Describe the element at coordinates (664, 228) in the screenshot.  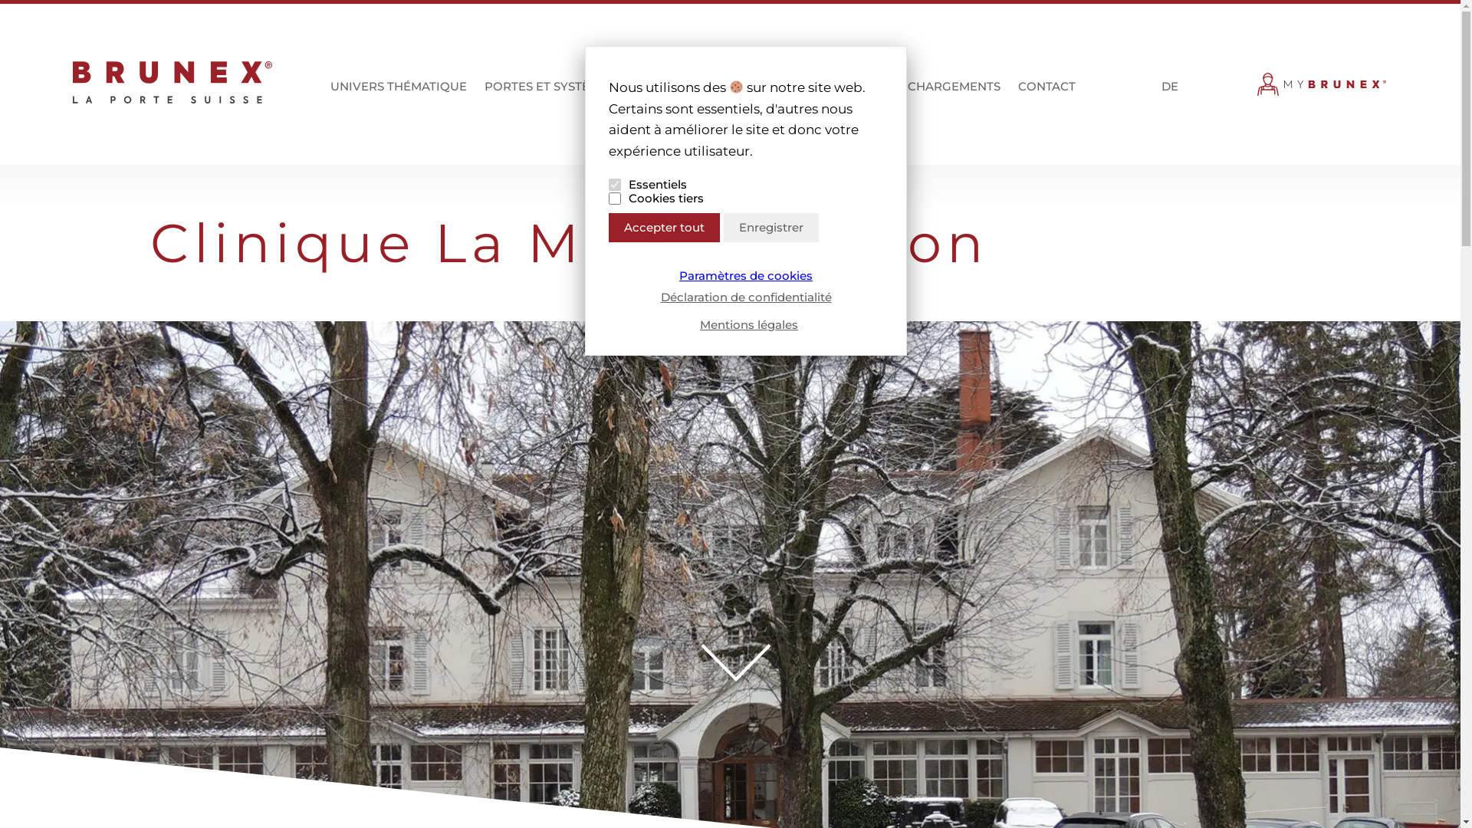
I see `'Accepter tout'` at that location.